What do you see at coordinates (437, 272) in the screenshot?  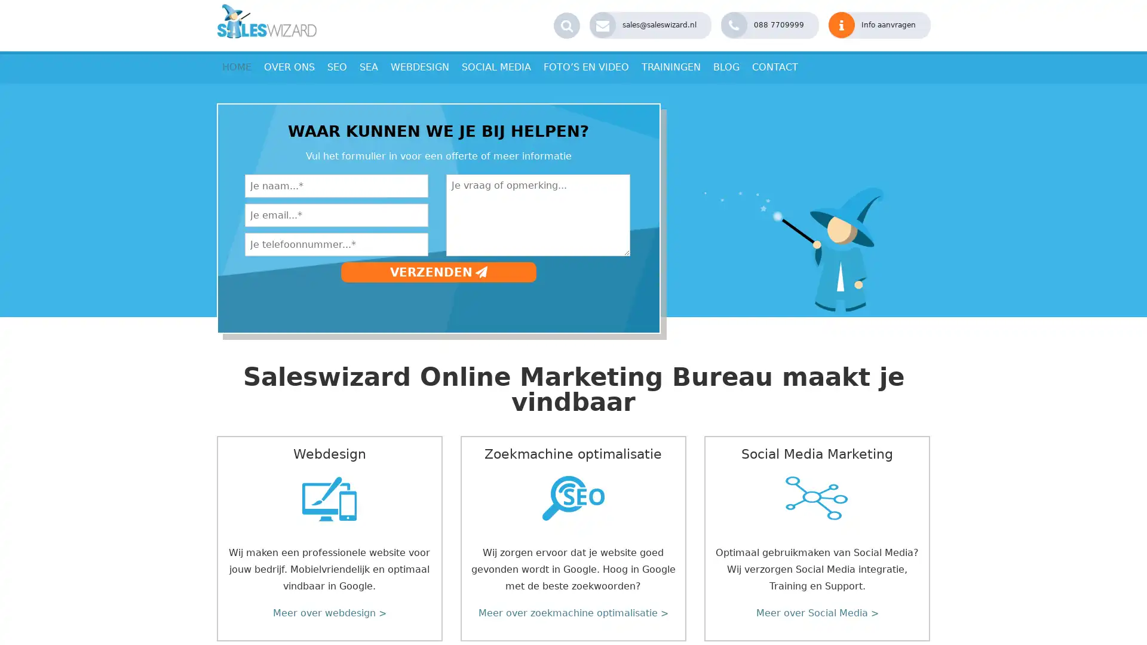 I see `VERZENDEN` at bounding box center [437, 272].